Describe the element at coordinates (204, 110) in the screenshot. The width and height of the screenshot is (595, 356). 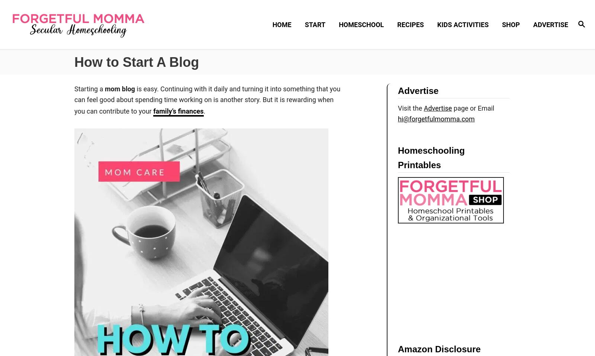
I see `'.'` at that location.